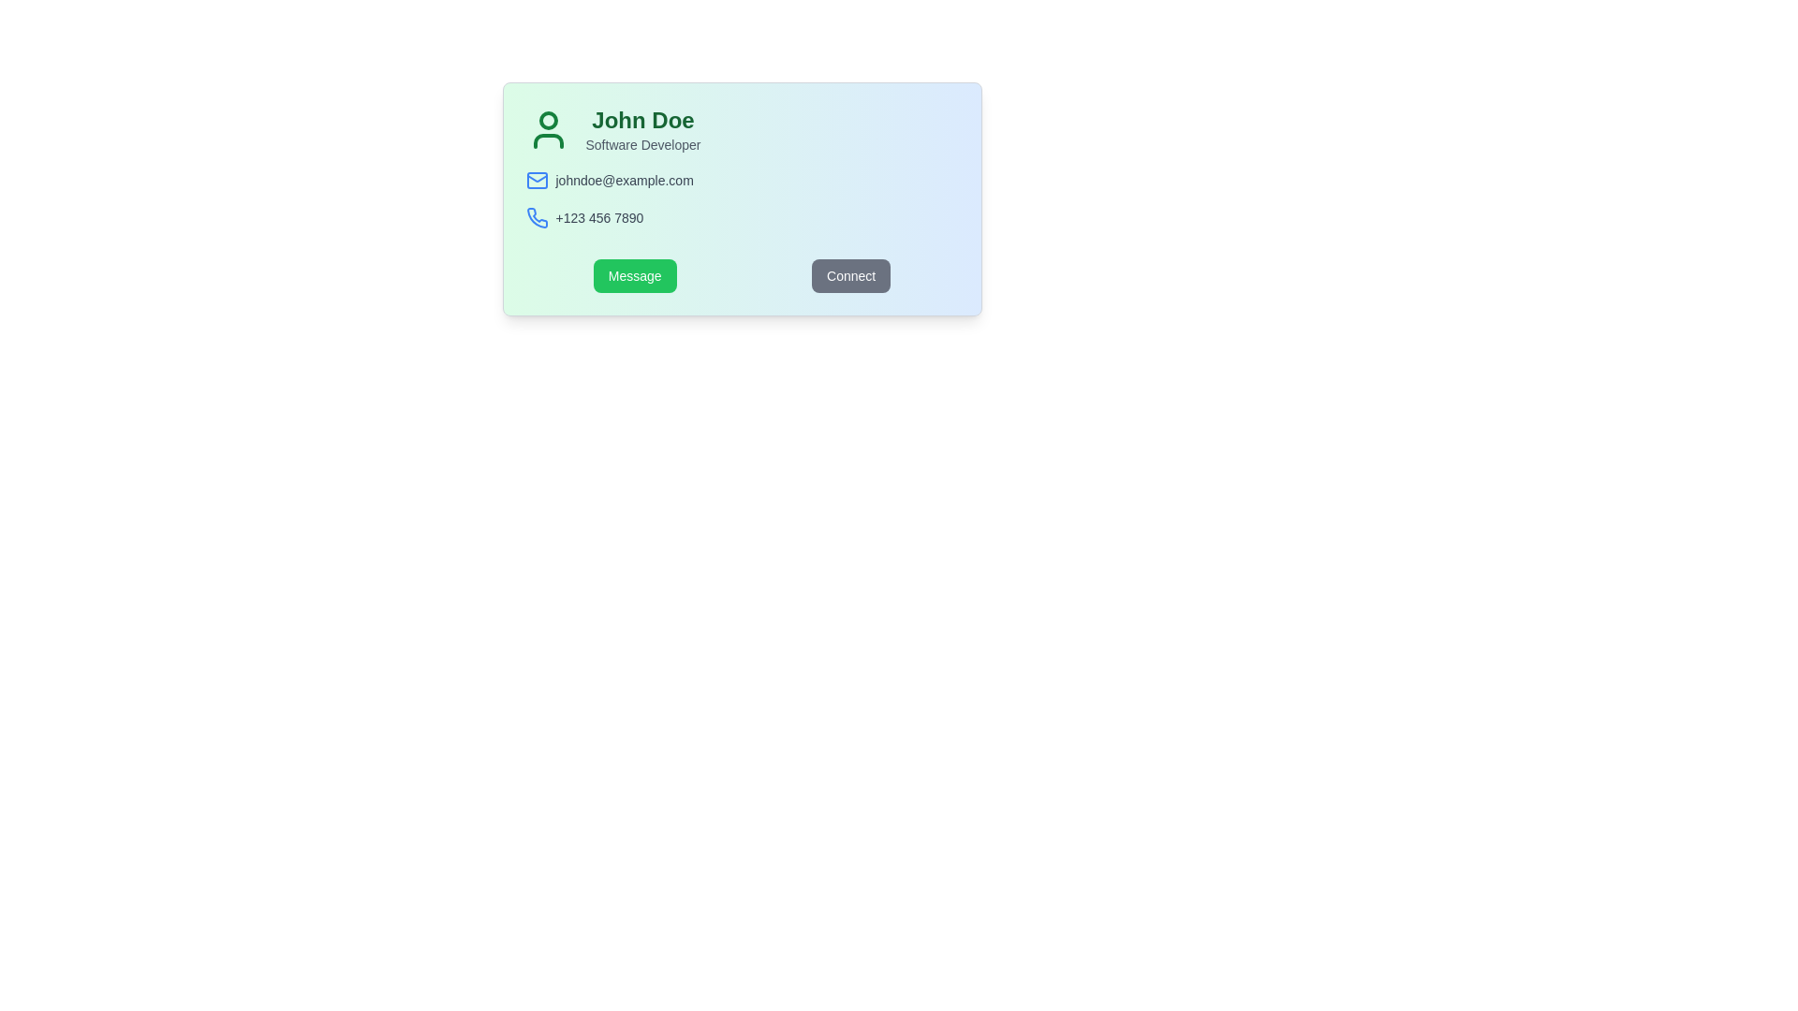 Image resolution: width=1798 pixels, height=1011 pixels. I want to click on the Text label that displays the job title or role description associated with the user 'John Doe', located in the top-left section of the user detail card, directly below the 'John Doe' text, so click(642, 143).